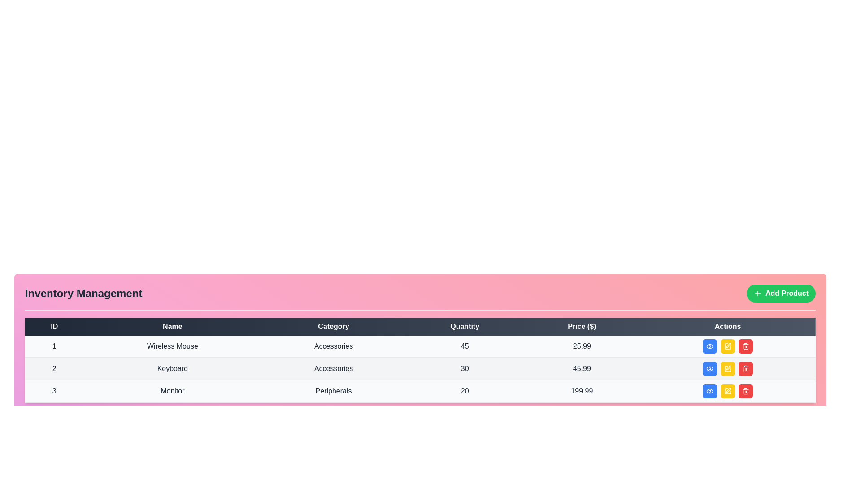  What do you see at coordinates (172, 327) in the screenshot?
I see `the 'Name' text label, which is the second entry in the row of column headers in a table layout, displaying in white on a dark background` at bounding box center [172, 327].